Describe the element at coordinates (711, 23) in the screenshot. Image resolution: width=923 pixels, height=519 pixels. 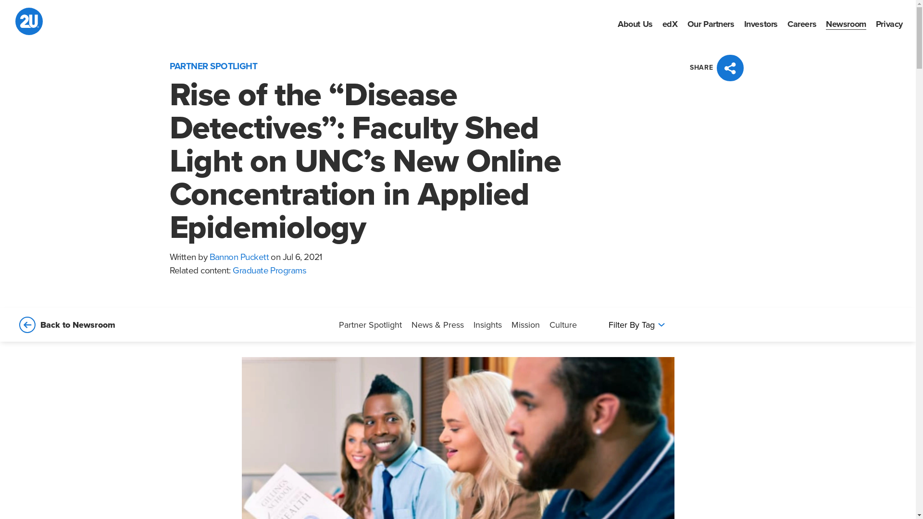
I see `'Our Partners'` at that location.